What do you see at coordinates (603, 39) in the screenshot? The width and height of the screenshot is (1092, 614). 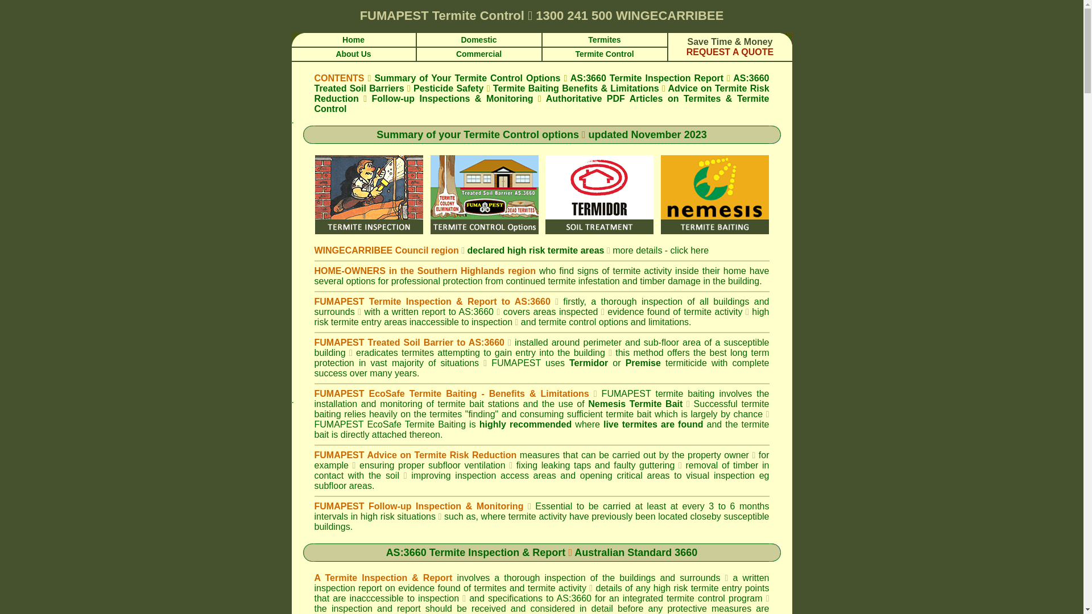 I see `'Termites'` at bounding box center [603, 39].